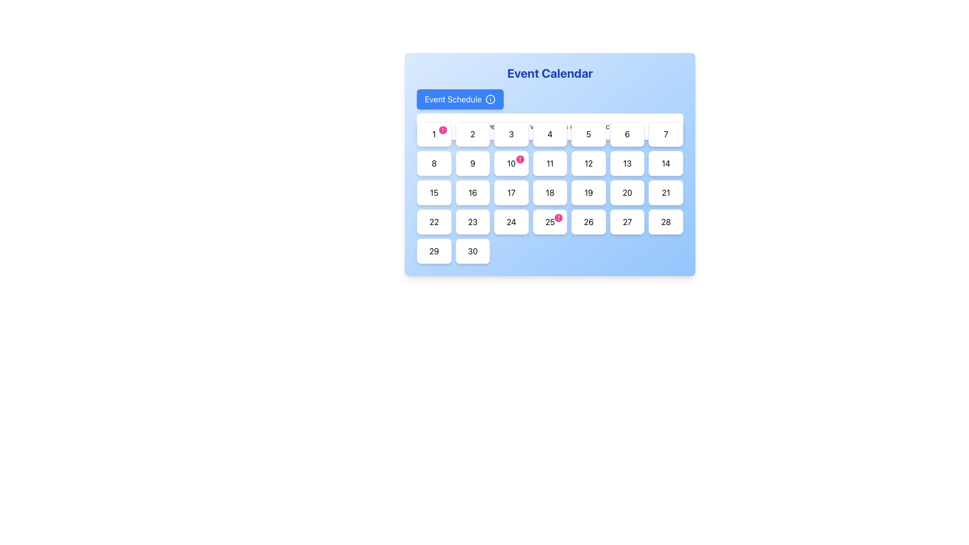 This screenshot has height=545, width=969. Describe the element at coordinates (472, 250) in the screenshot. I see `the button displaying the number '30', which is a rectangular button with a white background and rounded corners` at that location.